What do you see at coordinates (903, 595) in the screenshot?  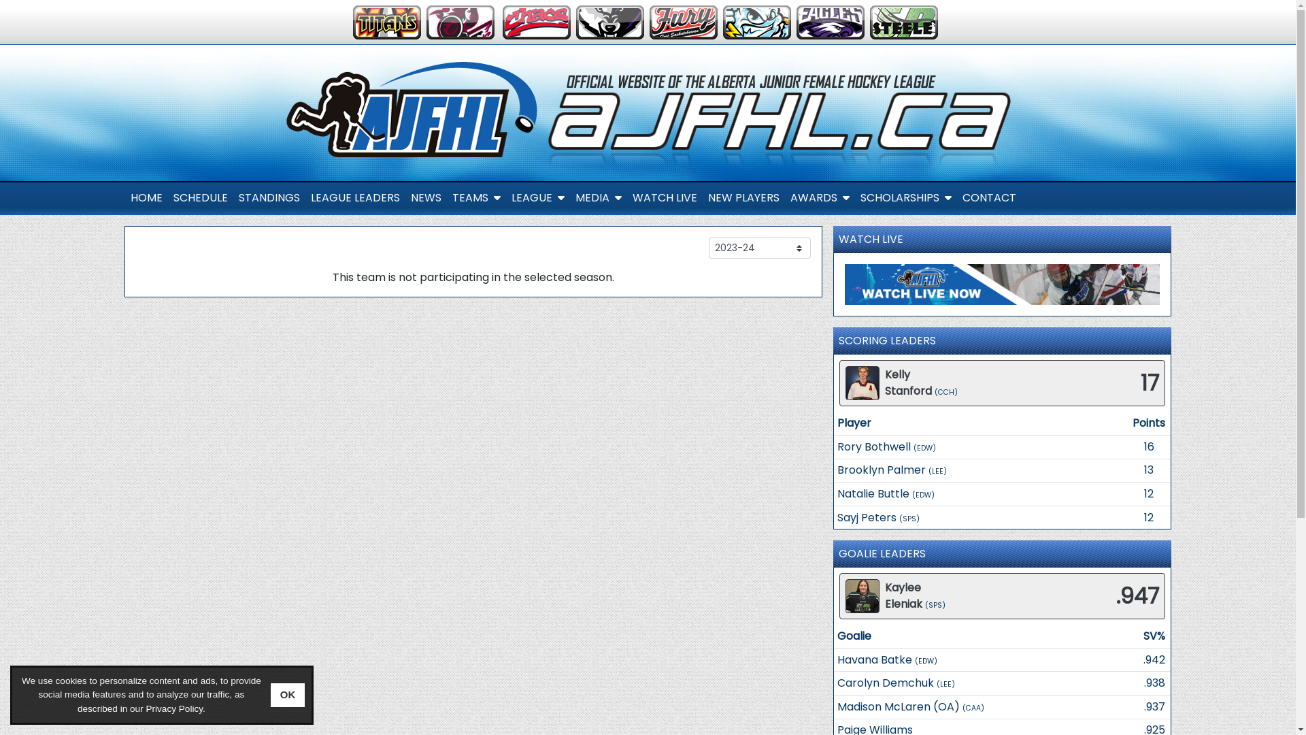 I see `'Kaylee` at bounding box center [903, 595].